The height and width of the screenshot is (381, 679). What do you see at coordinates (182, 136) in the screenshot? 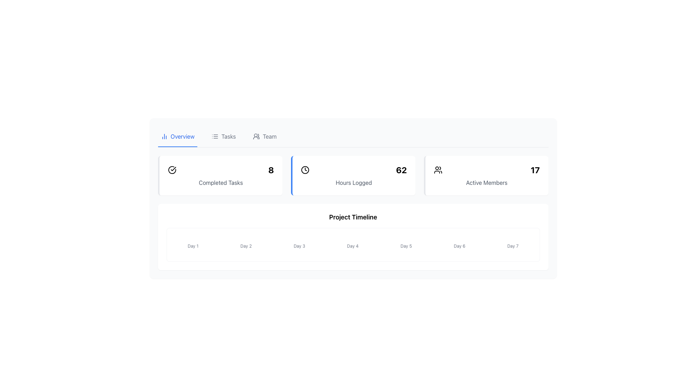
I see `the 'Overview' text label, which is displayed in blue color and aligned to the left of the header section` at bounding box center [182, 136].